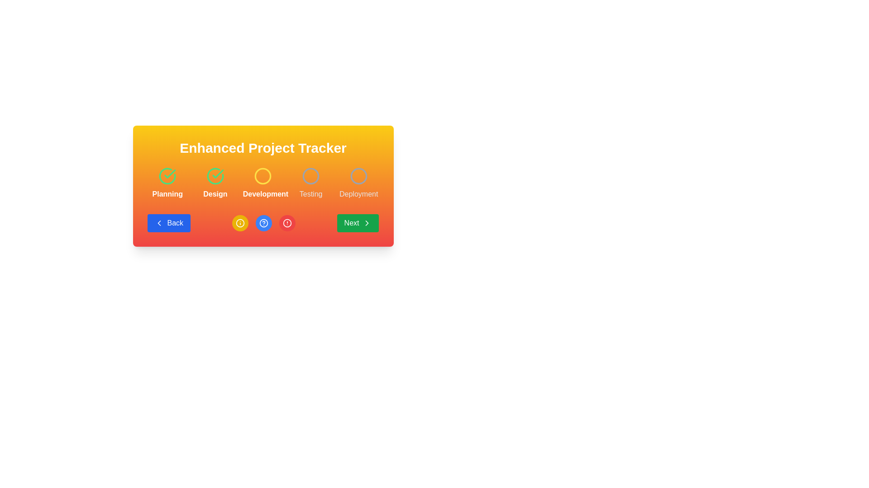  I want to click on the informational button located in the bottom button row of the card interface, specifically the second button from the left, so click(240, 223).